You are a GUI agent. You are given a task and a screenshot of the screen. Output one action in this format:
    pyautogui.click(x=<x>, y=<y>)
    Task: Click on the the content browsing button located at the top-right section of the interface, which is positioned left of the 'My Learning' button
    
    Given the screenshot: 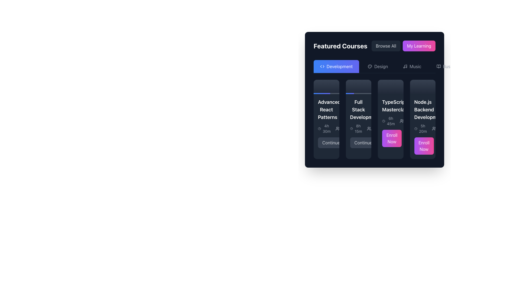 What is the action you would take?
    pyautogui.click(x=386, y=45)
    